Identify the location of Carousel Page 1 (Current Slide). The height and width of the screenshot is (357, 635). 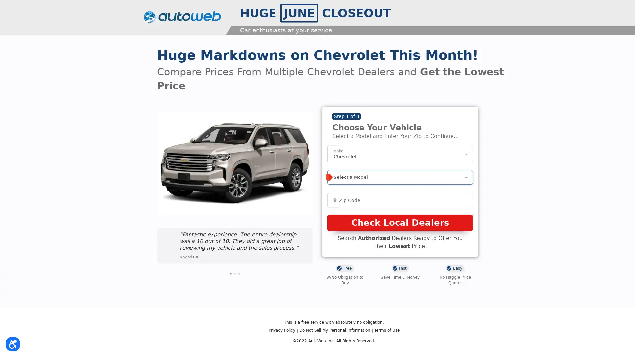
(230, 273).